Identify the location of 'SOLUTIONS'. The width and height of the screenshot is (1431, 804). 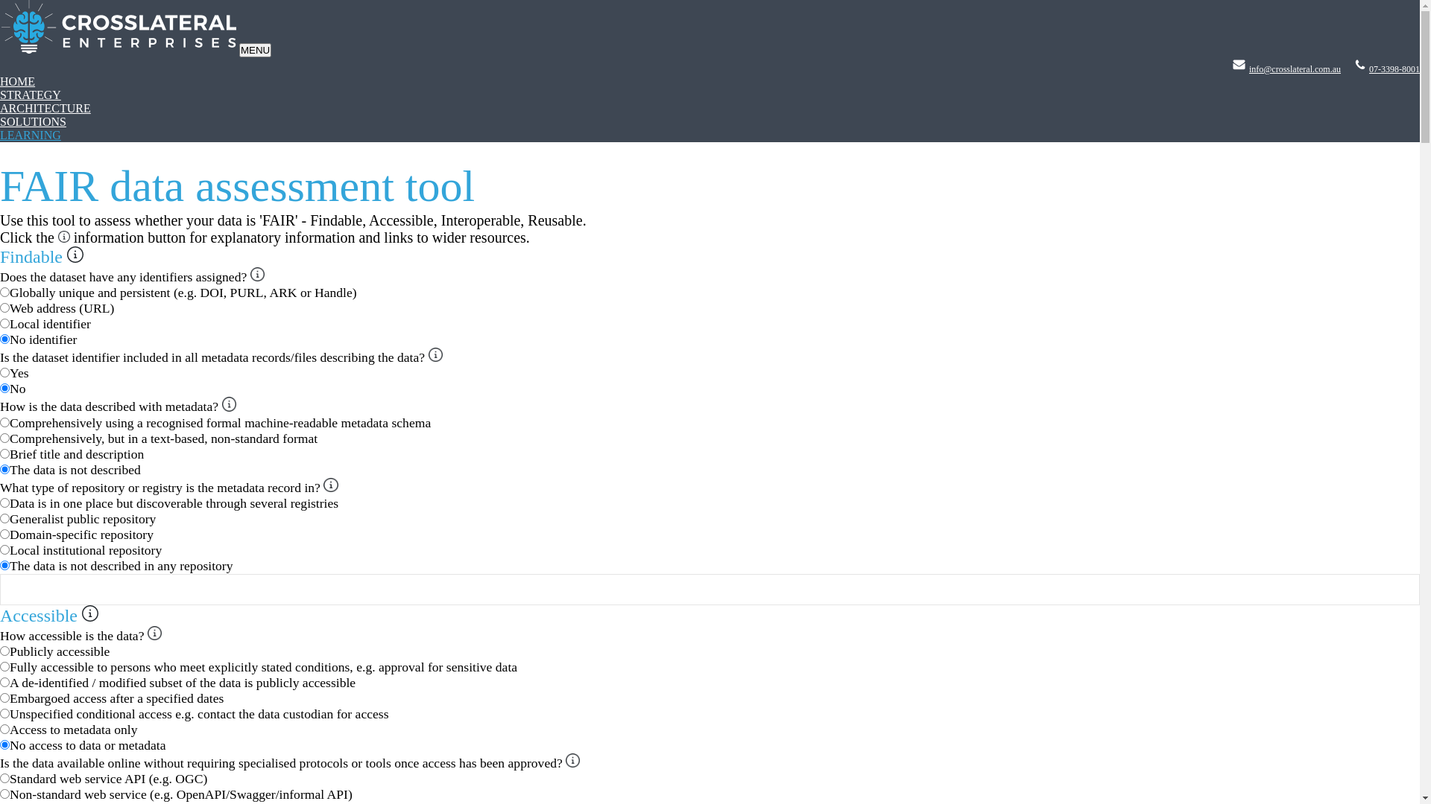
(33, 121).